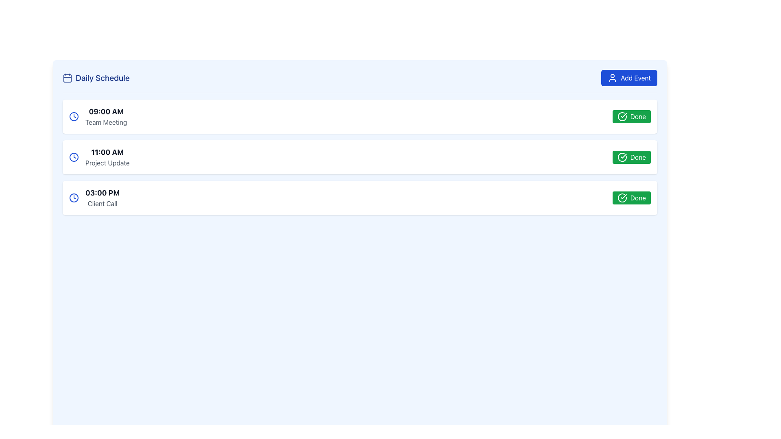 The width and height of the screenshot is (781, 439). I want to click on the text label displaying 'Team Meeting' in gray font, which is located directly beneath '09:00 AM' in the schedule list, so click(106, 122).